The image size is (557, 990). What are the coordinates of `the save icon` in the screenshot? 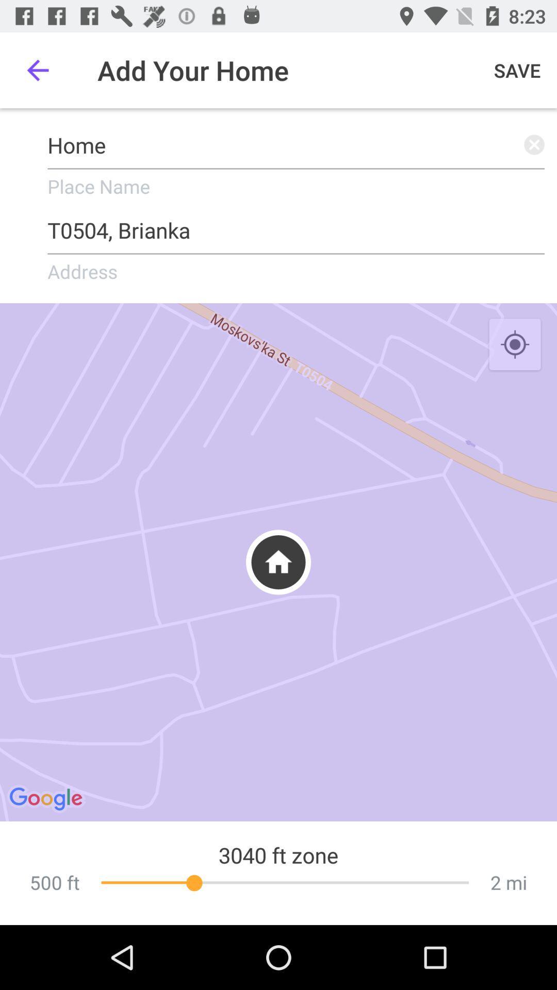 It's located at (517, 70).